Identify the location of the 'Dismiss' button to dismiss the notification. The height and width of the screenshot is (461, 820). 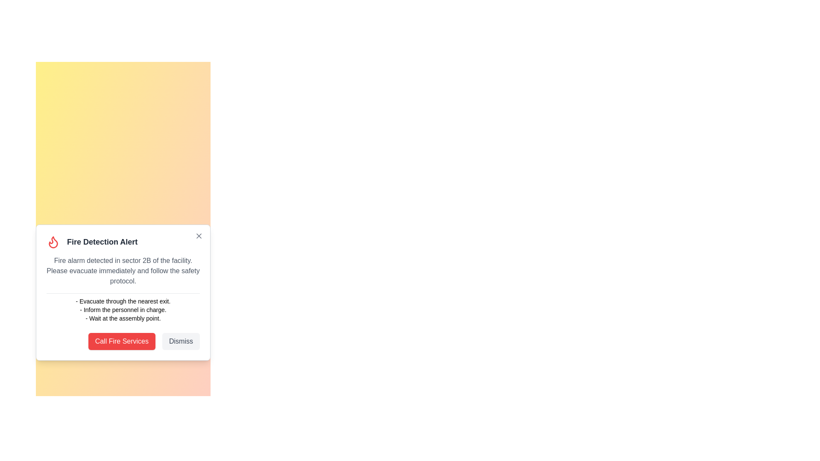
(180, 341).